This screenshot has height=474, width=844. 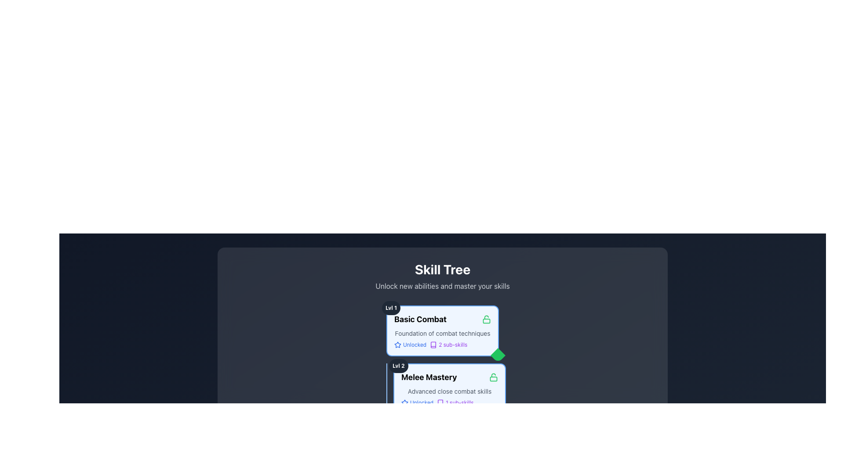 What do you see at coordinates (443, 286) in the screenshot?
I see `the subtitle text 'Unlock new abilities and master your skills.' located directly beneath the bold header 'Skill Tree.'` at bounding box center [443, 286].